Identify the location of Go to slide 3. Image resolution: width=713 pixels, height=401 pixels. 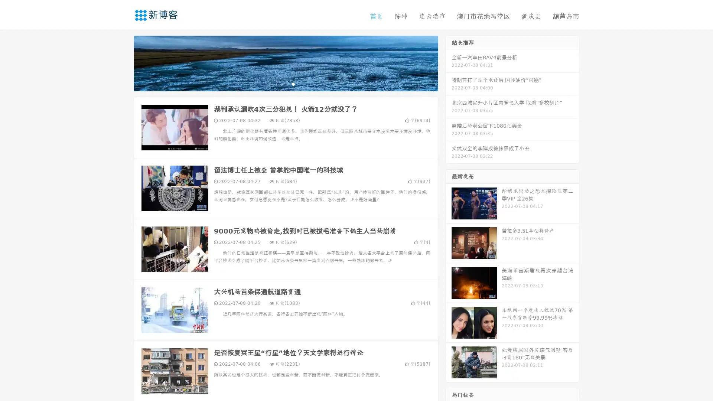
(293, 84).